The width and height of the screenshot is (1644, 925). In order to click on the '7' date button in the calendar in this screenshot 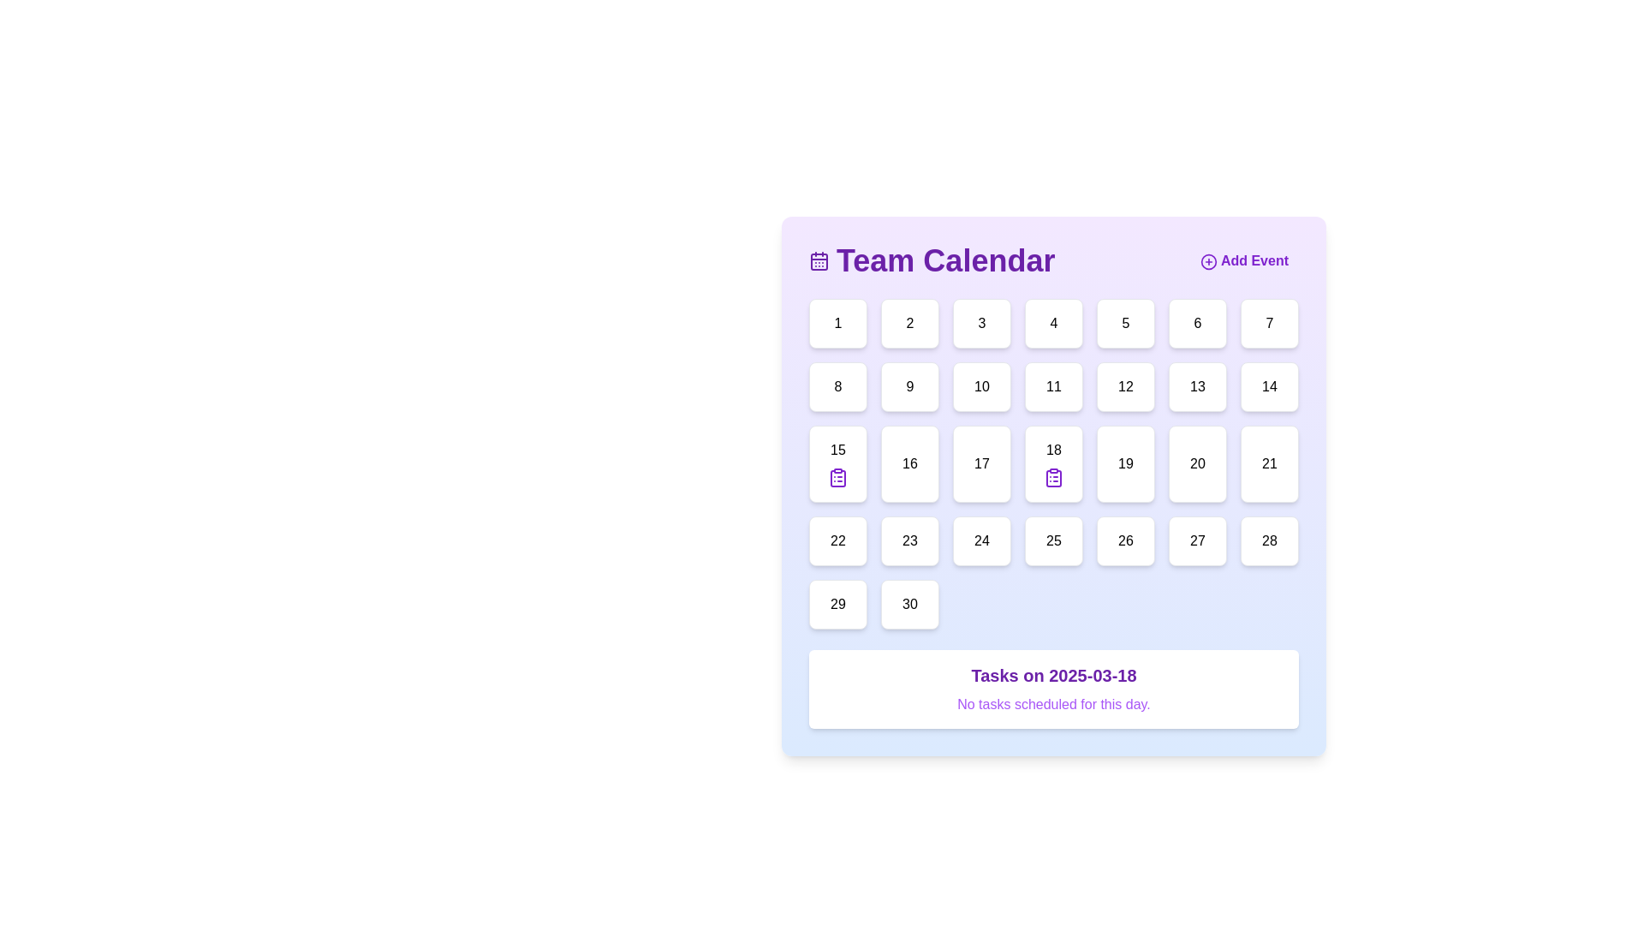, I will do `click(1270, 324)`.